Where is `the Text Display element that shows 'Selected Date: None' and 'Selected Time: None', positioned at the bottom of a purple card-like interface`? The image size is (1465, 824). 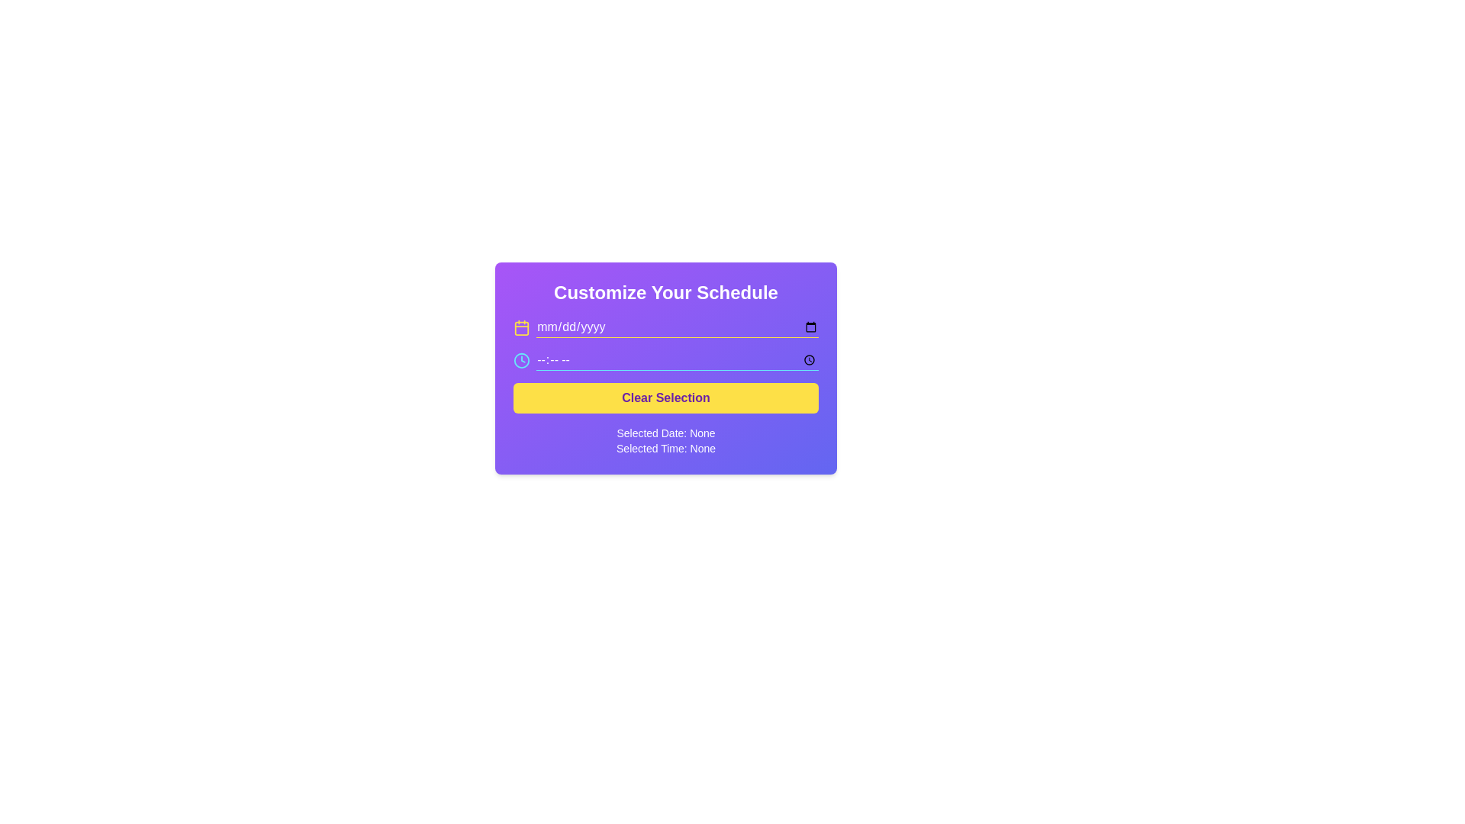
the Text Display element that shows 'Selected Date: None' and 'Selected Time: None', positioned at the bottom of a purple card-like interface is located at coordinates (666, 441).